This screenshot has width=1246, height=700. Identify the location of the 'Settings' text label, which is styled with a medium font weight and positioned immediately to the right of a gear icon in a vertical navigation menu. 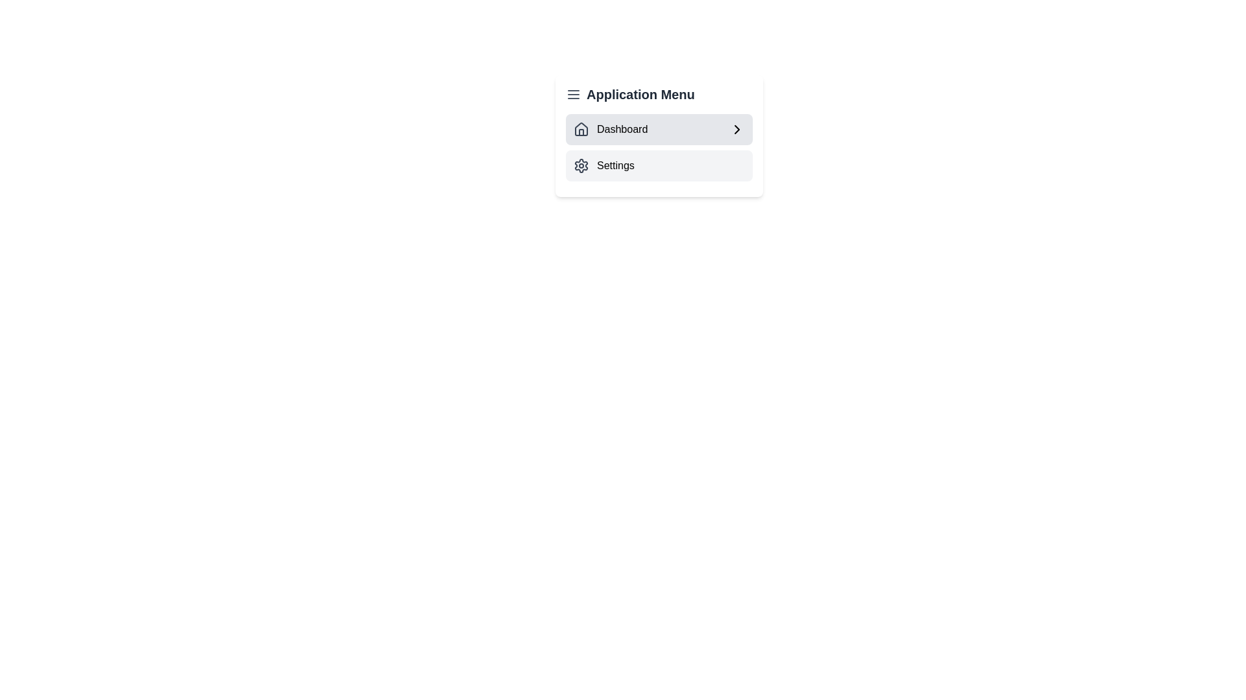
(615, 165).